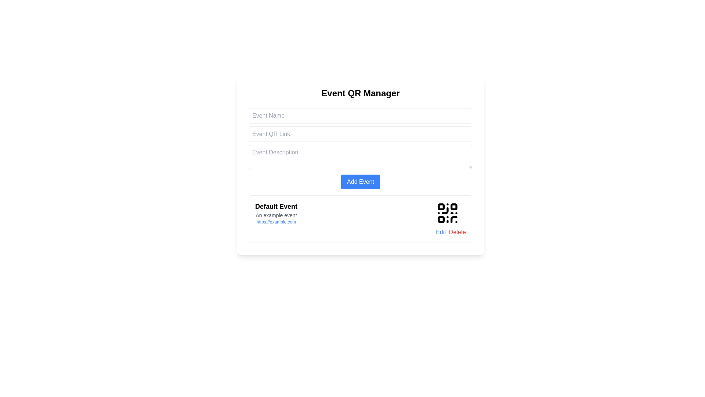 This screenshot has width=705, height=397. I want to click on the 'Edit' hyperlink styled in blue, positioned to the left of the 'Delete' button at the bottom right of the 'Default Event' card, so click(441, 232).